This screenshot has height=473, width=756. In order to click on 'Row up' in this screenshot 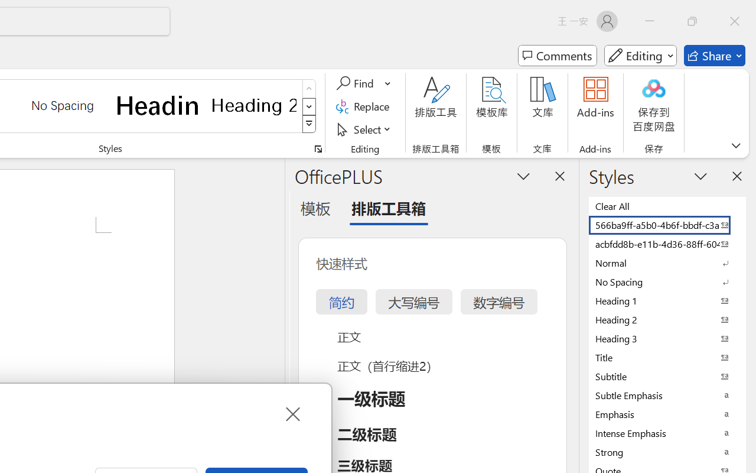, I will do `click(309, 89)`.